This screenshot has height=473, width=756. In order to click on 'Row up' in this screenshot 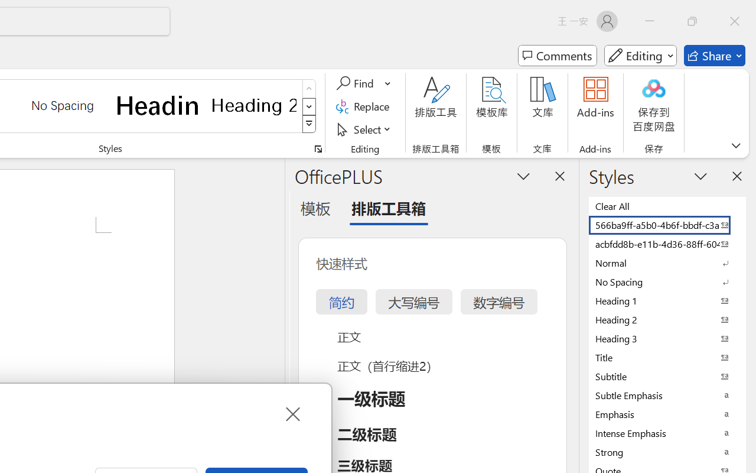, I will do `click(309, 89)`.